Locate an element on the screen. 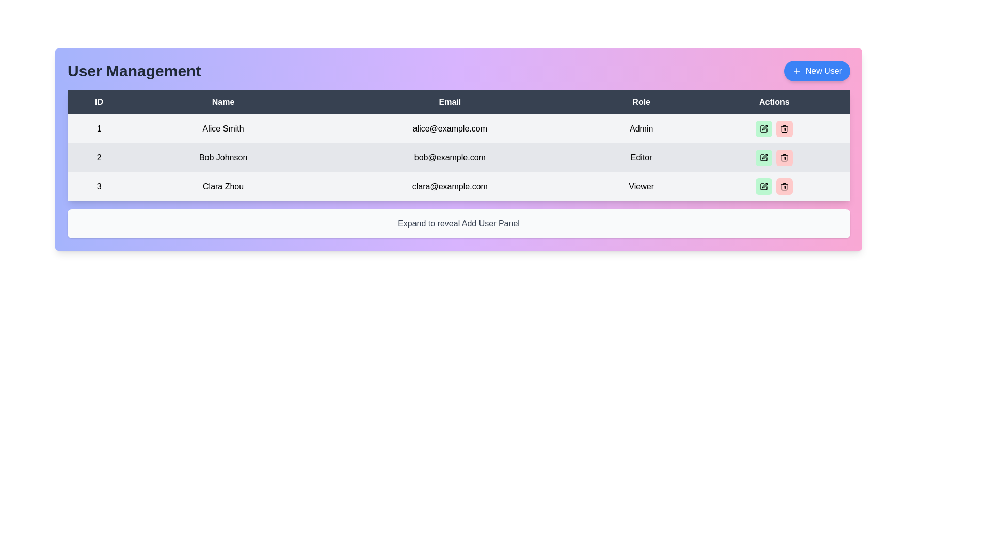 The width and height of the screenshot is (991, 557). the delete button, which is a rounded square icon with a pink background and a trash bin symbol, located in the 'Actions' column of the second row for user 'Bob Johnson' is located at coordinates (785, 157).